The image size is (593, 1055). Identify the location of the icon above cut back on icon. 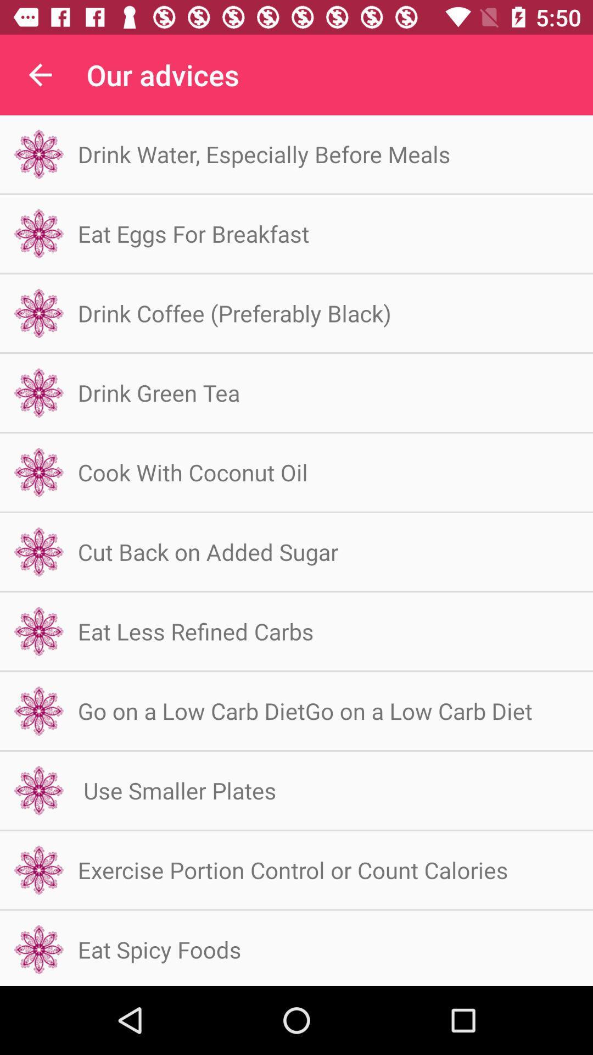
(192, 472).